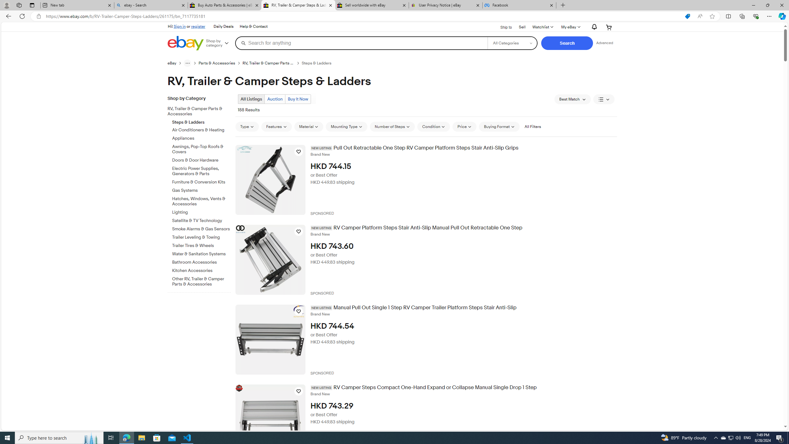 The height and width of the screenshot is (444, 789). Describe the element at coordinates (769, 16) in the screenshot. I see `'Settings and more (Alt+F)'` at that location.